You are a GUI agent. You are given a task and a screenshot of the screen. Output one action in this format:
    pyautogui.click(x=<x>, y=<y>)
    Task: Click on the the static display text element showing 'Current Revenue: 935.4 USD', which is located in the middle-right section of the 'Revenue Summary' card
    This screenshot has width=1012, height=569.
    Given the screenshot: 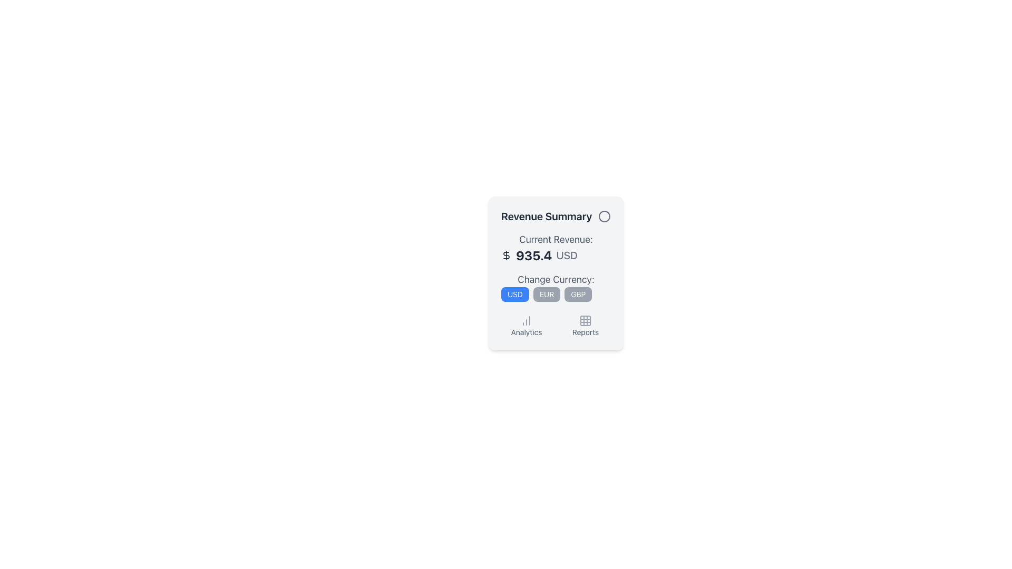 What is the action you would take?
    pyautogui.click(x=556, y=248)
    